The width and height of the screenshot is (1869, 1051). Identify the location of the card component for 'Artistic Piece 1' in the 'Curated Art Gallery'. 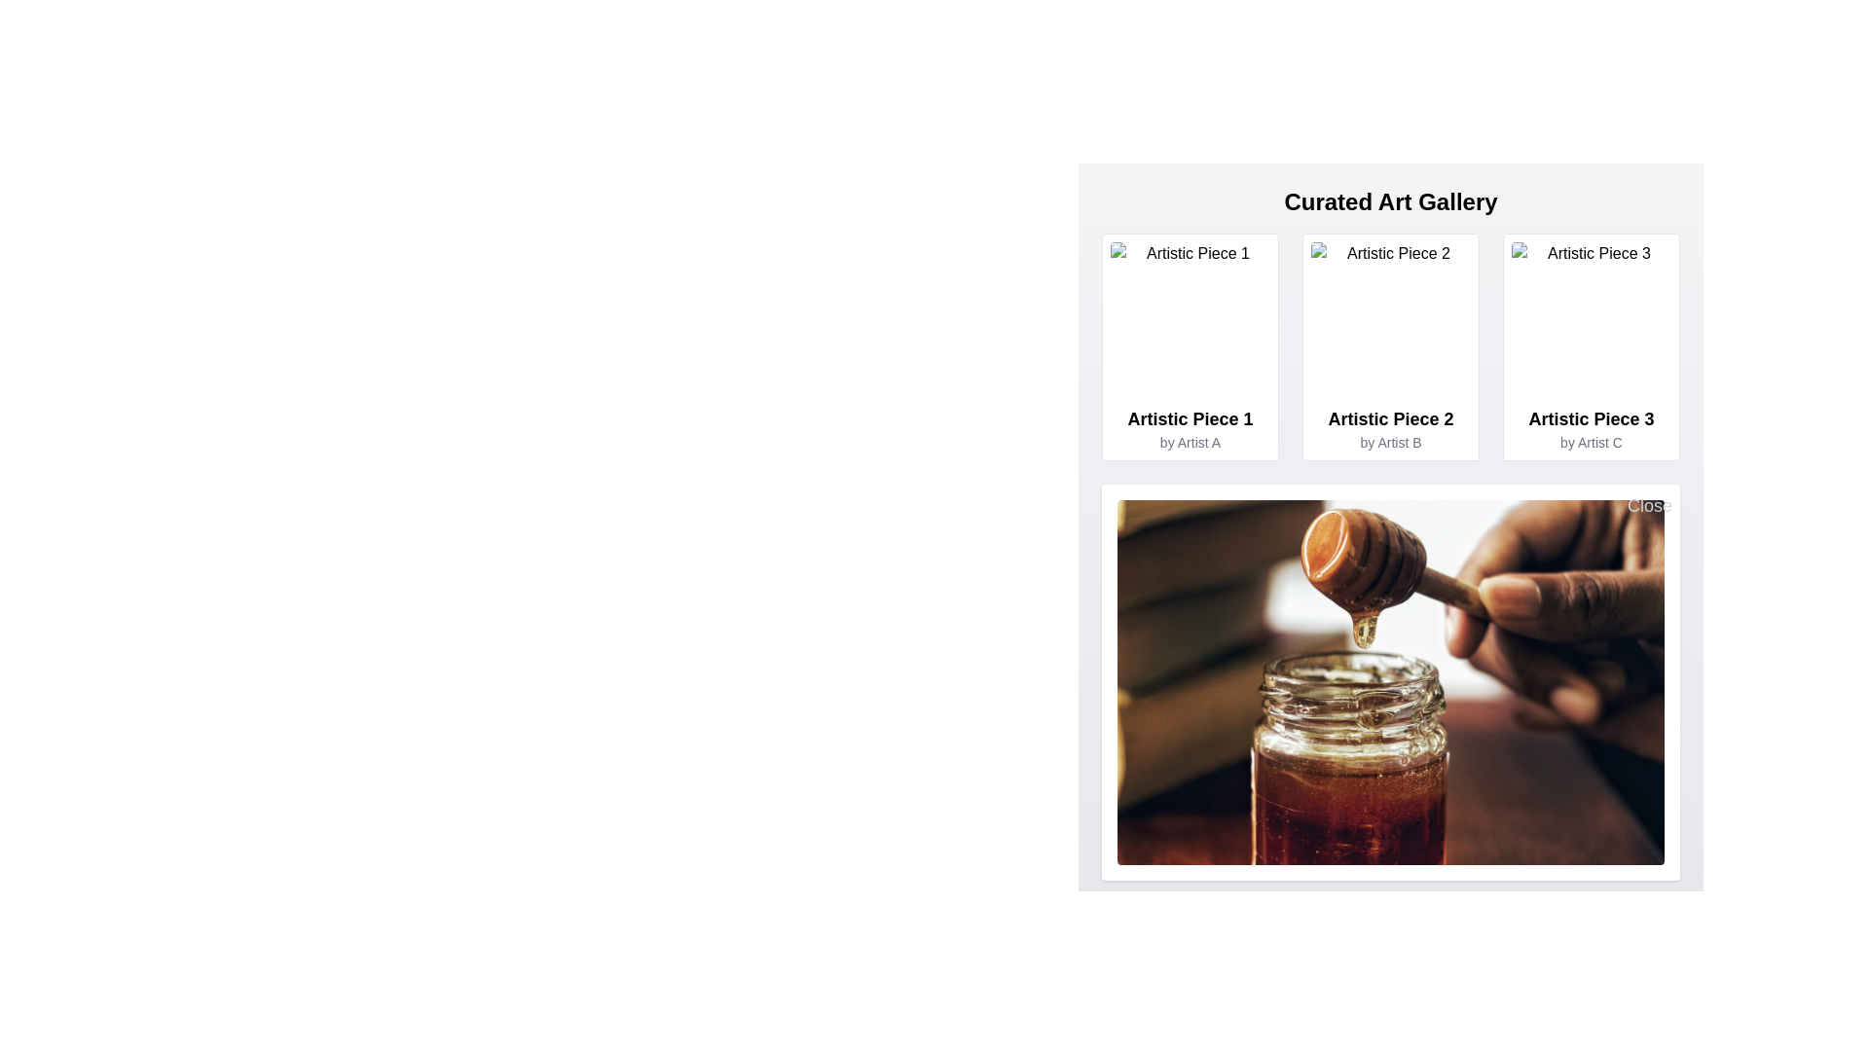
(1190, 346).